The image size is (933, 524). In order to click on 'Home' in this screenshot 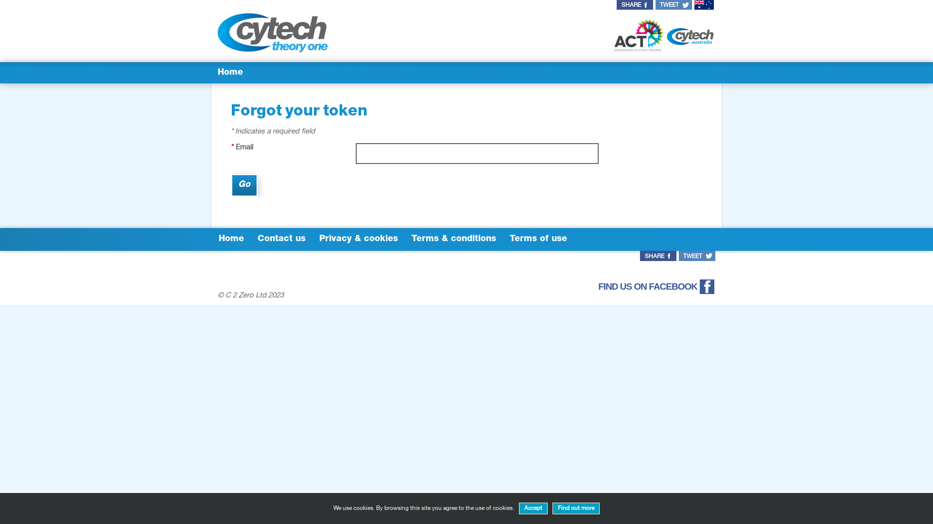, I will do `click(230, 72)`.